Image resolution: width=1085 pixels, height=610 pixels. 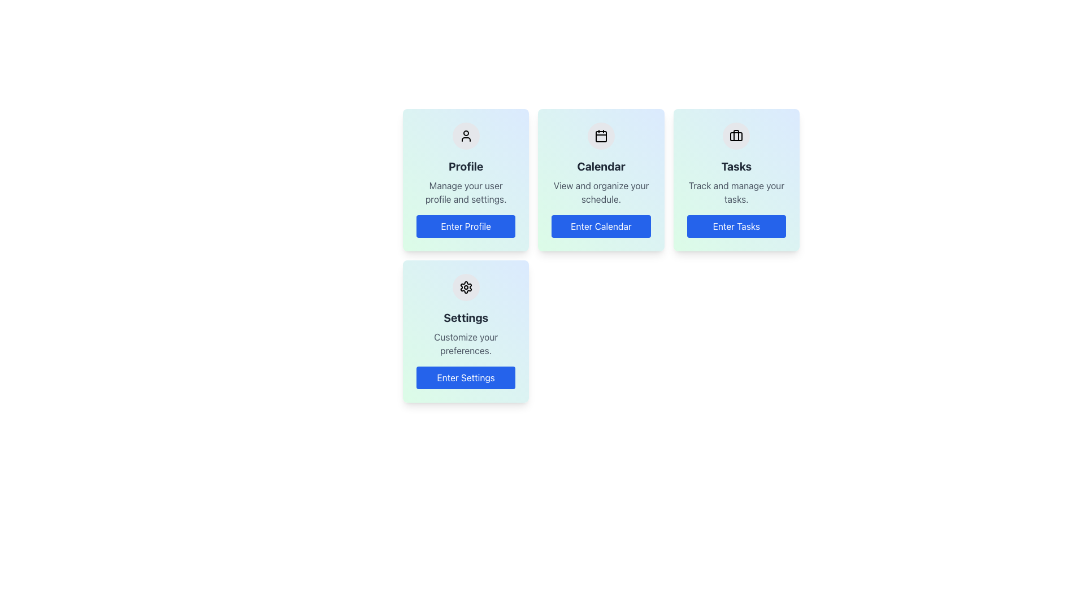 What do you see at coordinates (601, 136) in the screenshot?
I see `the visual part of the calendar icon located in the middle card of the top row of a 2x3 grid layout, which enhances the user's recognition of the calendar functionality` at bounding box center [601, 136].